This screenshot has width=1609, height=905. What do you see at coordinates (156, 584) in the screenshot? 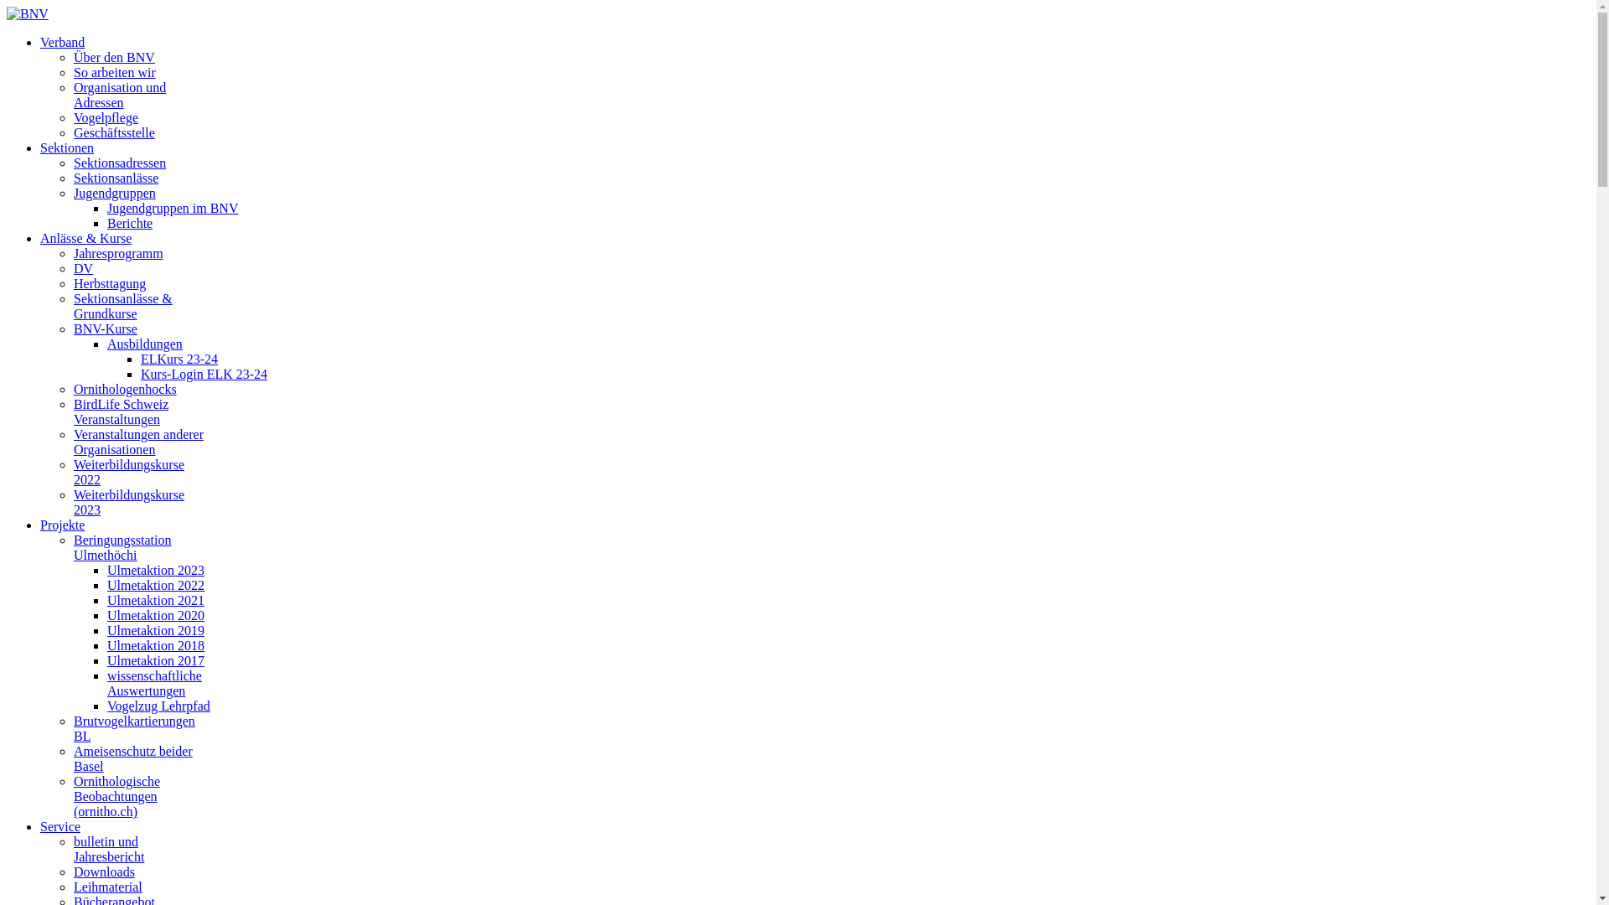
I see `'Ulmetaktion 2022'` at bounding box center [156, 584].